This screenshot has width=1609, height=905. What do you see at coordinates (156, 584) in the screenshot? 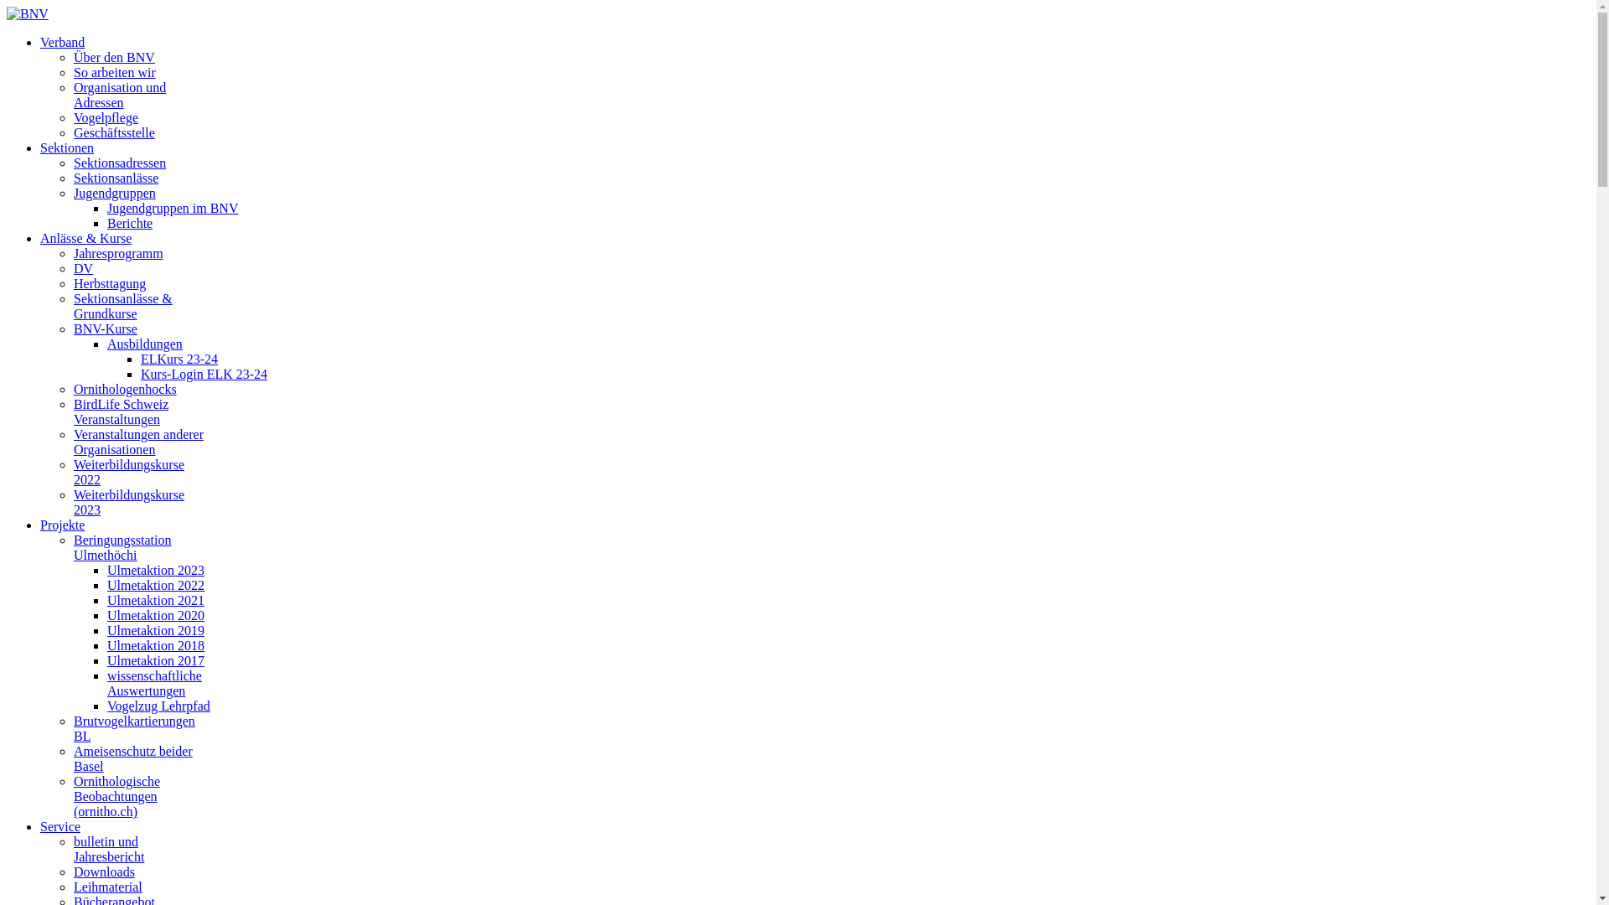
I see `'Ulmetaktion 2022'` at bounding box center [156, 584].